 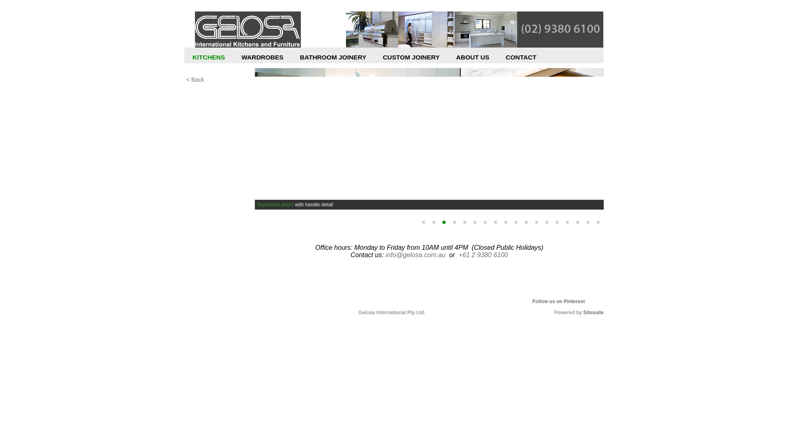 What do you see at coordinates (333, 59) in the screenshot?
I see `'BATHROOM JOINERY'` at bounding box center [333, 59].